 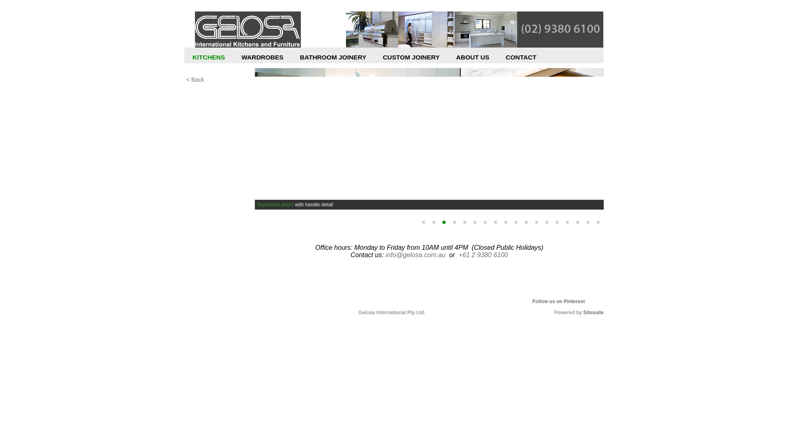 What do you see at coordinates (333, 59) in the screenshot?
I see `'BATHROOM JOINERY'` at bounding box center [333, 59].